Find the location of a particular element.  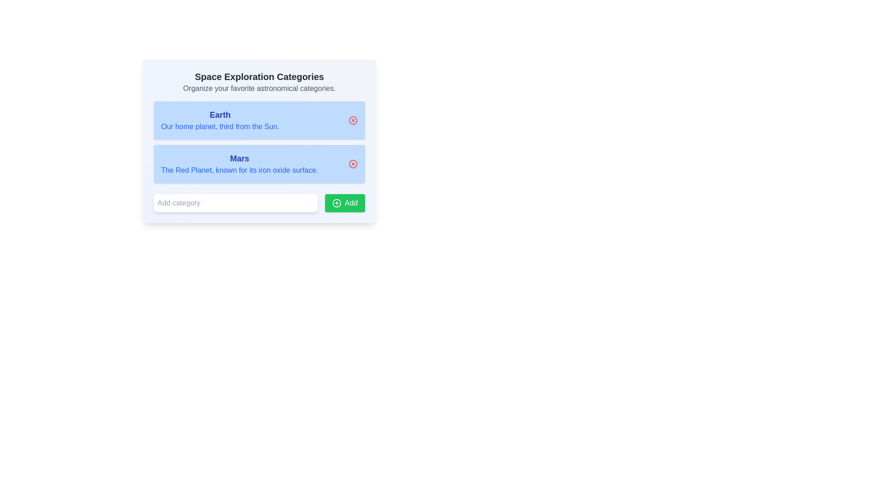

the second line of text in the blue rectangular section providing additional information about 'Earth', located directly beneath the bolded label 'Earth' is located at coordinates (220, 126).